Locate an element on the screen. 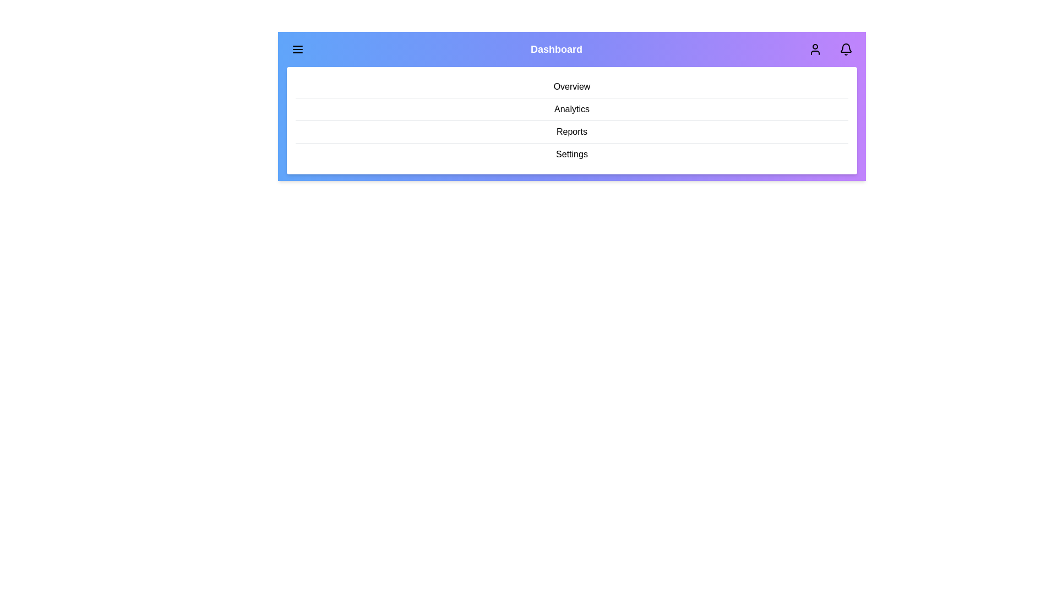  the 'User' icon in the app bar is located at coordinates (815, 48).